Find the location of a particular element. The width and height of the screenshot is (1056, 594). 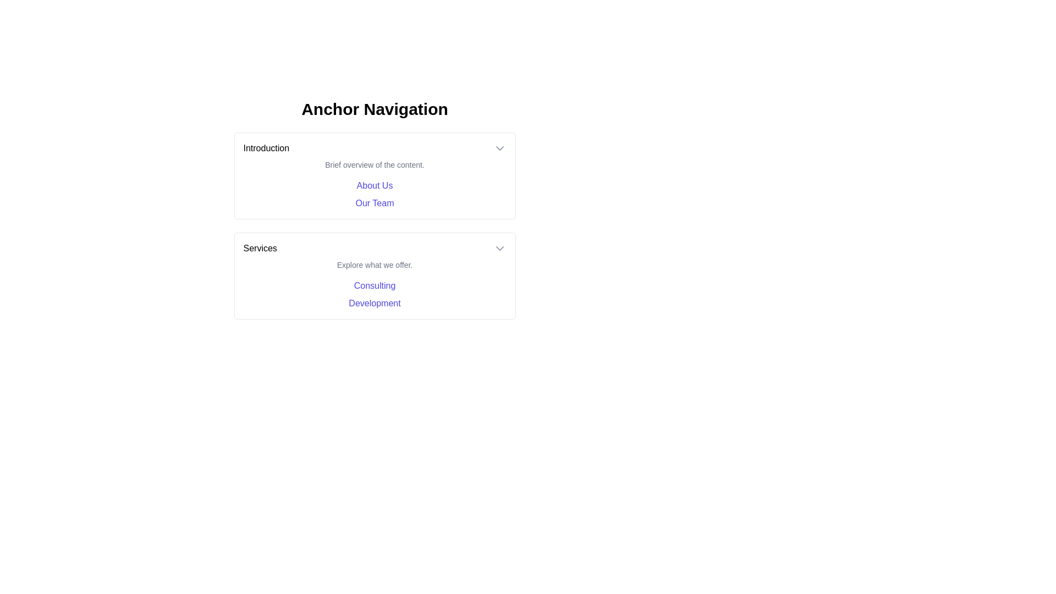

the 'Our Team' text link, which is the second hyperlink in the 'Introduction' section is located at coordinates (375, 204).